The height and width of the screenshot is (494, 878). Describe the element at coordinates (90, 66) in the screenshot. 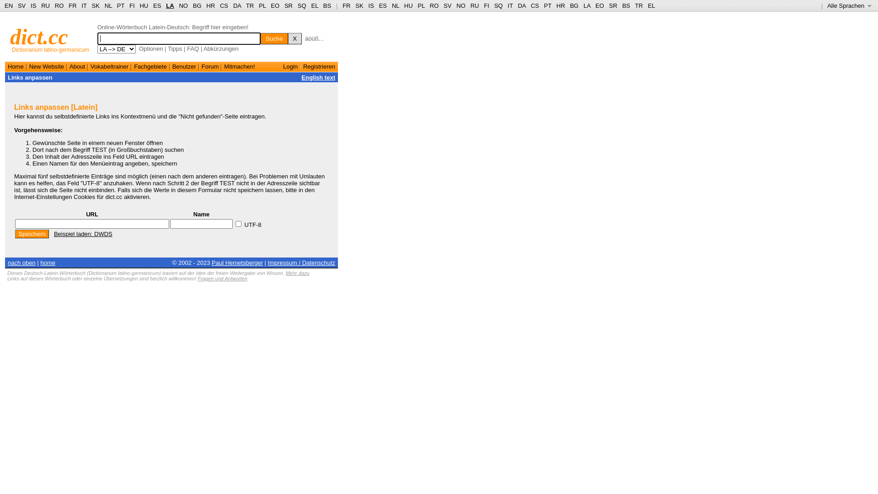

I see `'Vokabeltrainer'` at that location.